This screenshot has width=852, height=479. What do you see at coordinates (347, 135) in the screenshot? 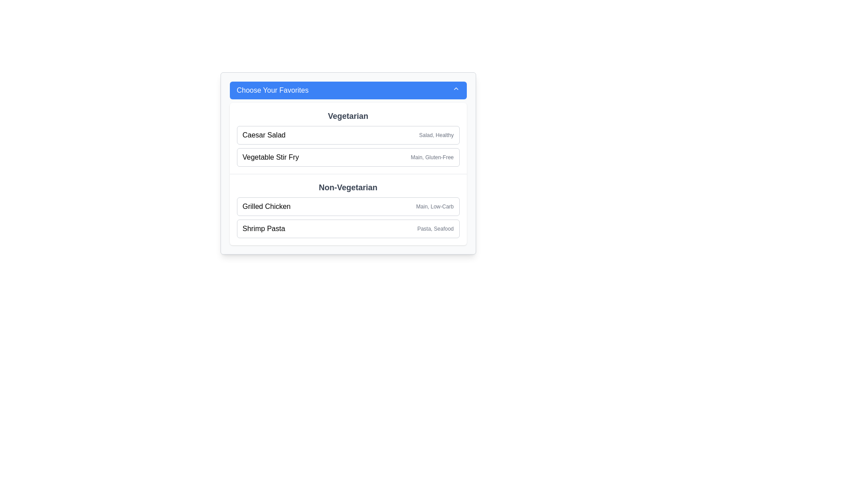
I see `the 'Caesar Salad' selectable list item, which is the first option under the 'Vegetarian' section` at bounding box center [347, 135].